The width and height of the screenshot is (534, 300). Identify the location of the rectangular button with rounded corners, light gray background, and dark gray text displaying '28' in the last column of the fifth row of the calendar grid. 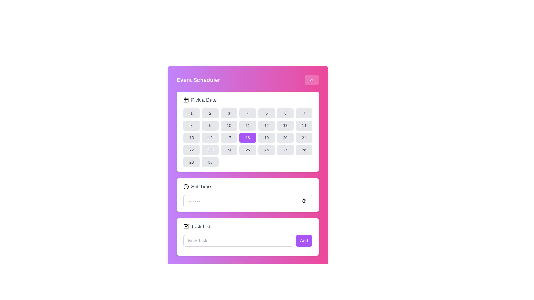
(304, 150).